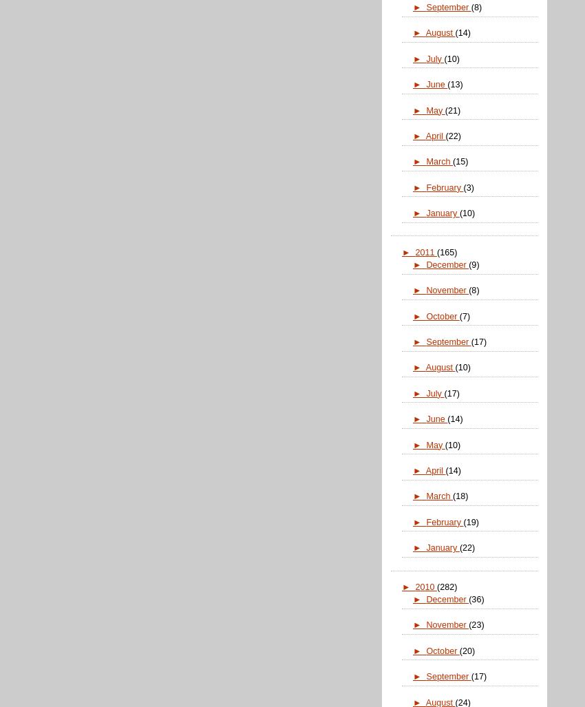  Describe the element at coordinates (468, 624) in the screenshot. I see `'(23)'` at that location.